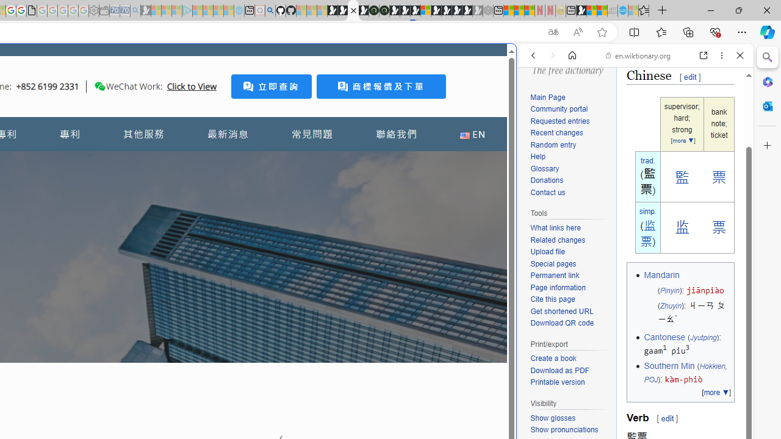 This screenshot has width=781, height=439. Describe the element at coordinates (666, 138) in the screenshot. I see `'SEARCH TOOLS'` at that location.